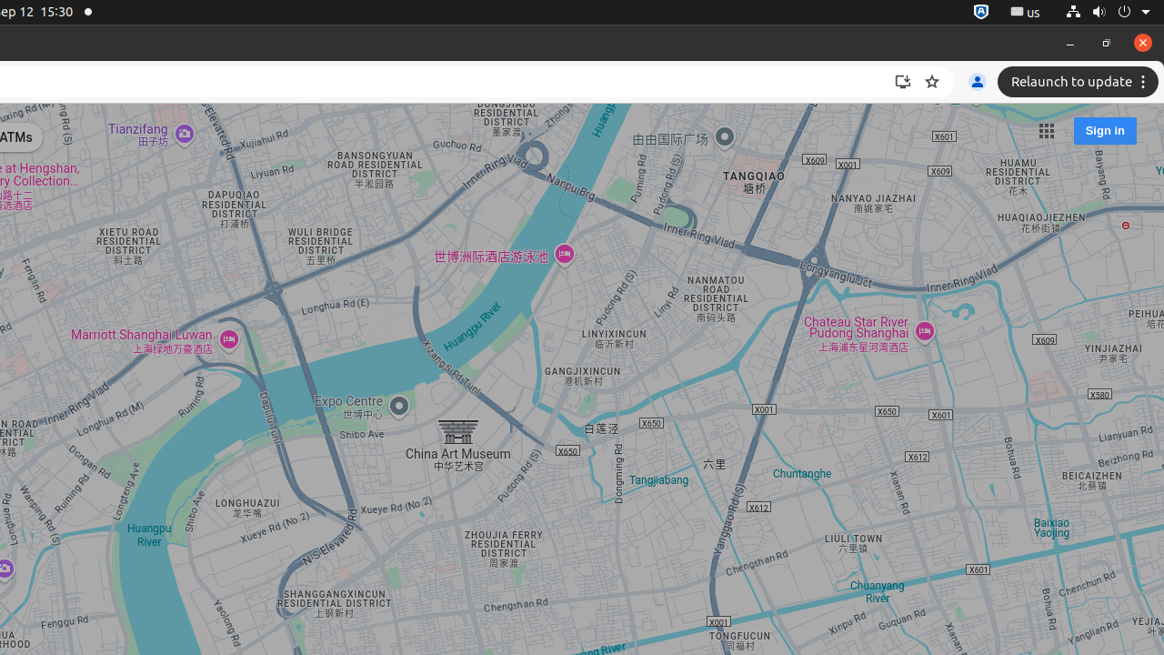  Describe the element at coordinates (1046, 129) in the screenshot. I see `'Google apps'` at that location.